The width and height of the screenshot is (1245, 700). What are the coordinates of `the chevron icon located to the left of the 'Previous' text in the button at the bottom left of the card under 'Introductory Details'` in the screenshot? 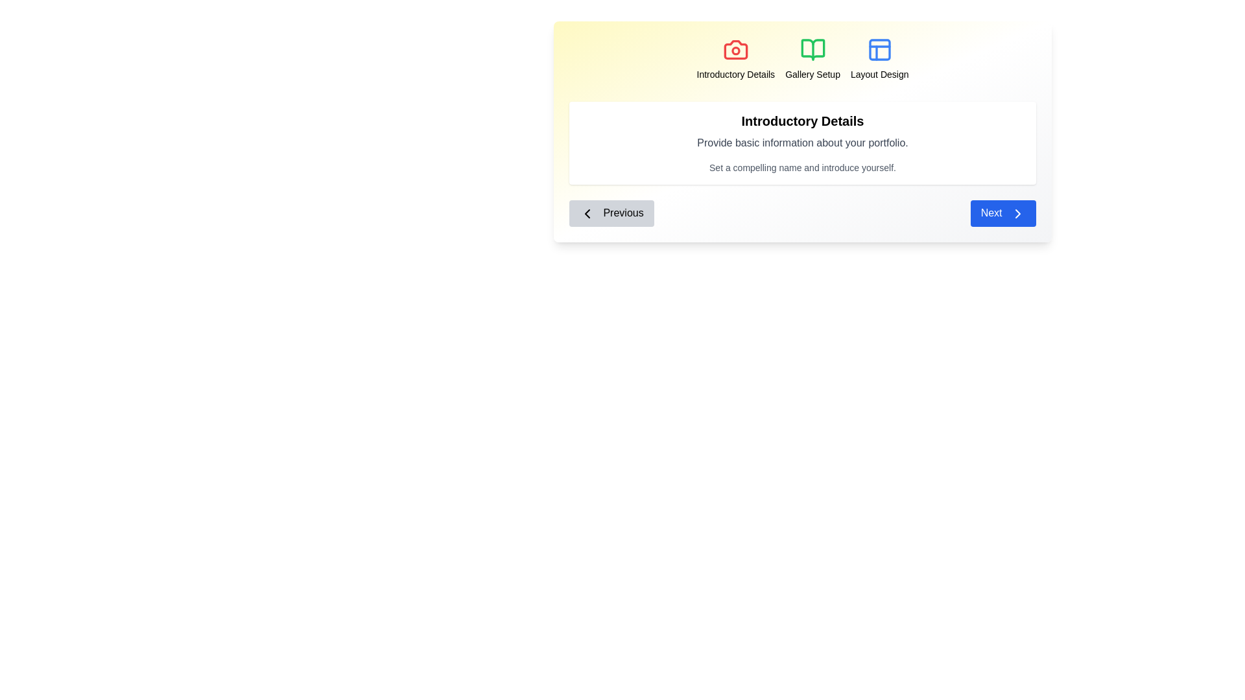 It's located at (587, 212).